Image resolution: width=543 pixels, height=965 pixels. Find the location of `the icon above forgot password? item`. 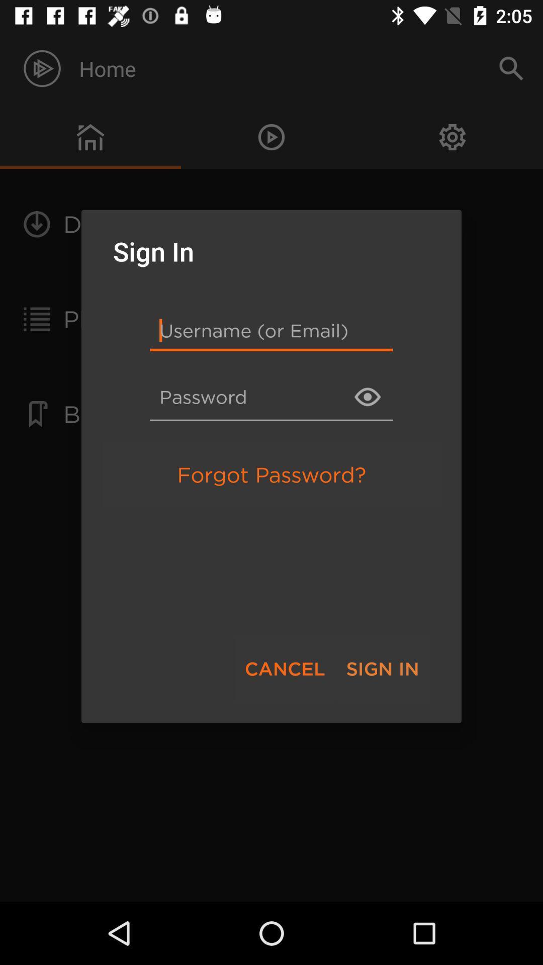

the icon above forgot password? item is located at coordinates (271, 396).